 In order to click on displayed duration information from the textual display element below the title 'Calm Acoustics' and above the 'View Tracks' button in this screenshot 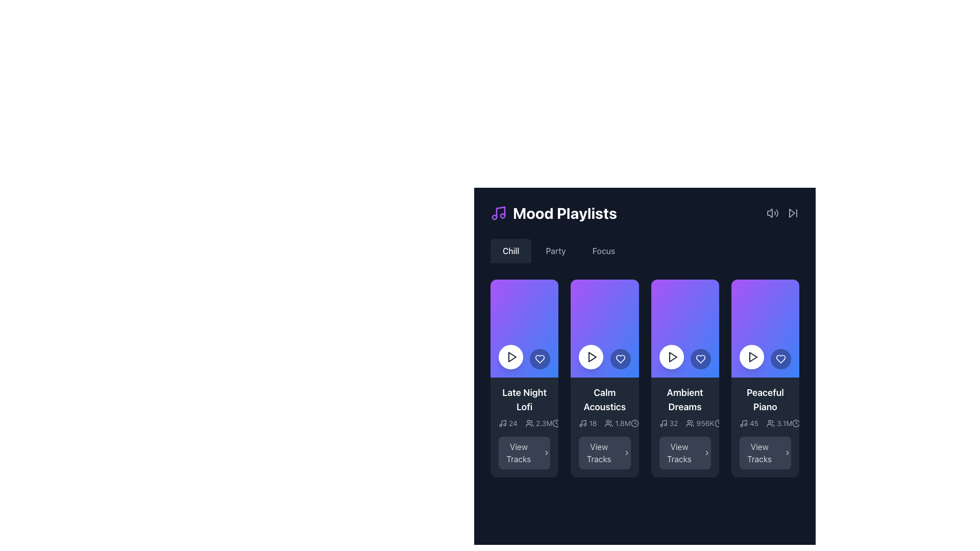, I will do `click(569, 423)`.